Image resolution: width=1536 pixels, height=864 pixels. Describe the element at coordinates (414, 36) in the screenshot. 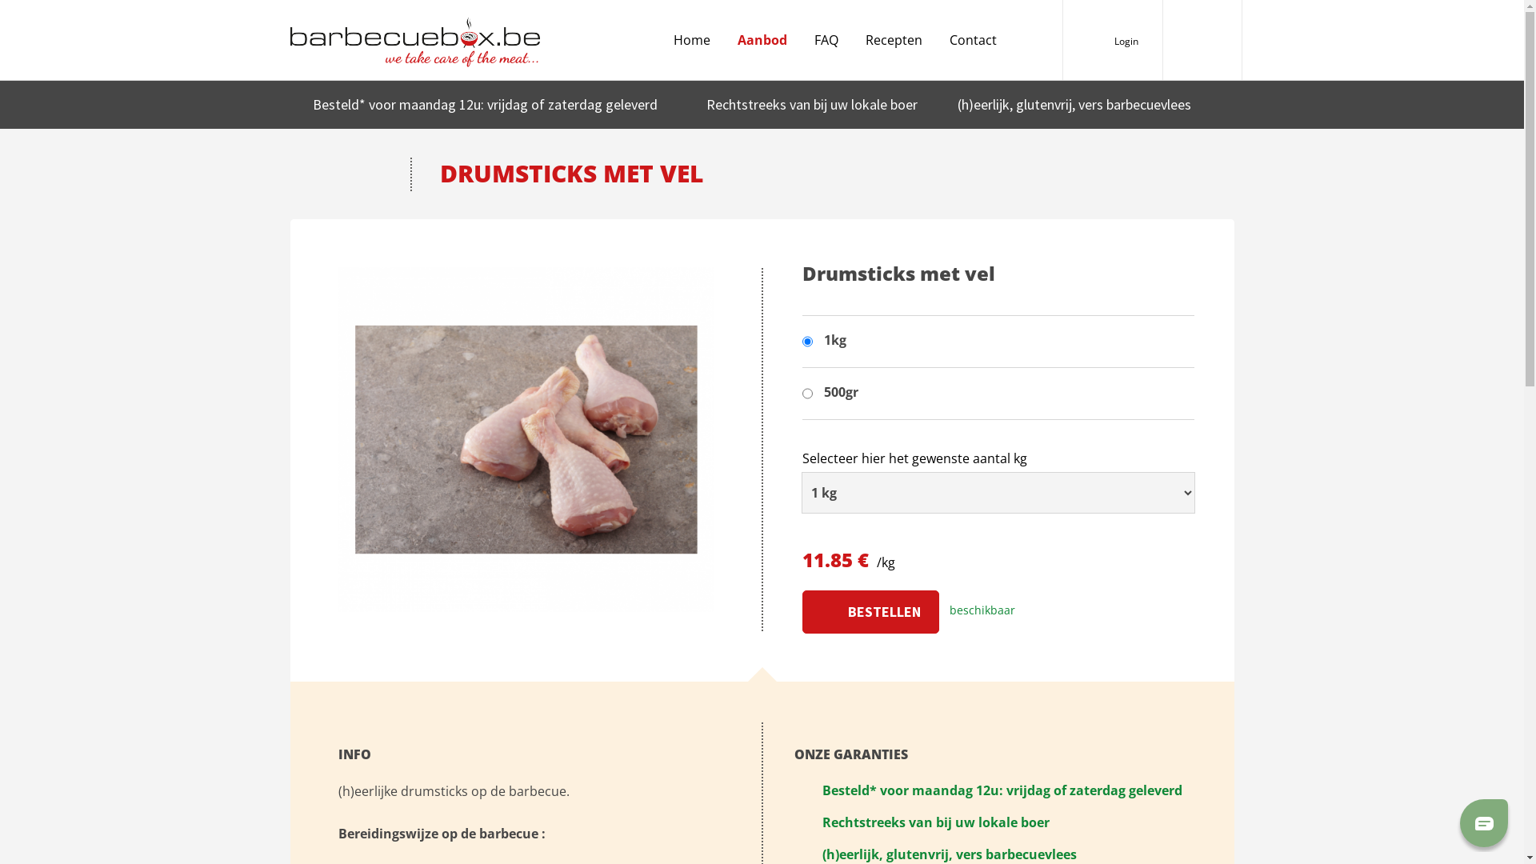

I see `'we take care of the meat...'` at that location.